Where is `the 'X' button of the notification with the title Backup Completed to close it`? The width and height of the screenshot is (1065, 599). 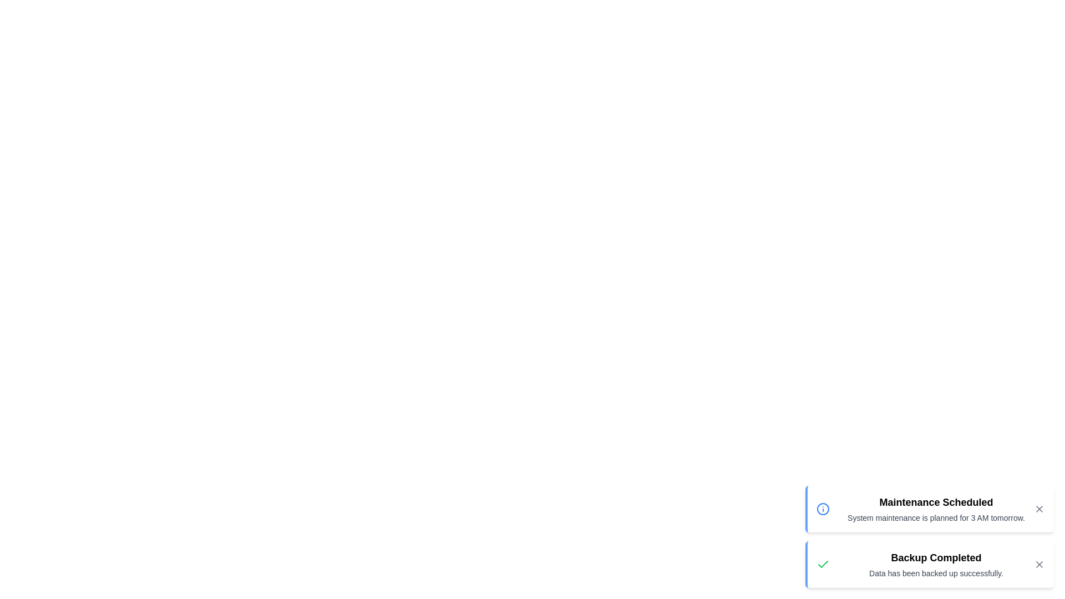 the 'X' button of the notification with the title Backup Completed to close it is located at coordinates (1038, 565).